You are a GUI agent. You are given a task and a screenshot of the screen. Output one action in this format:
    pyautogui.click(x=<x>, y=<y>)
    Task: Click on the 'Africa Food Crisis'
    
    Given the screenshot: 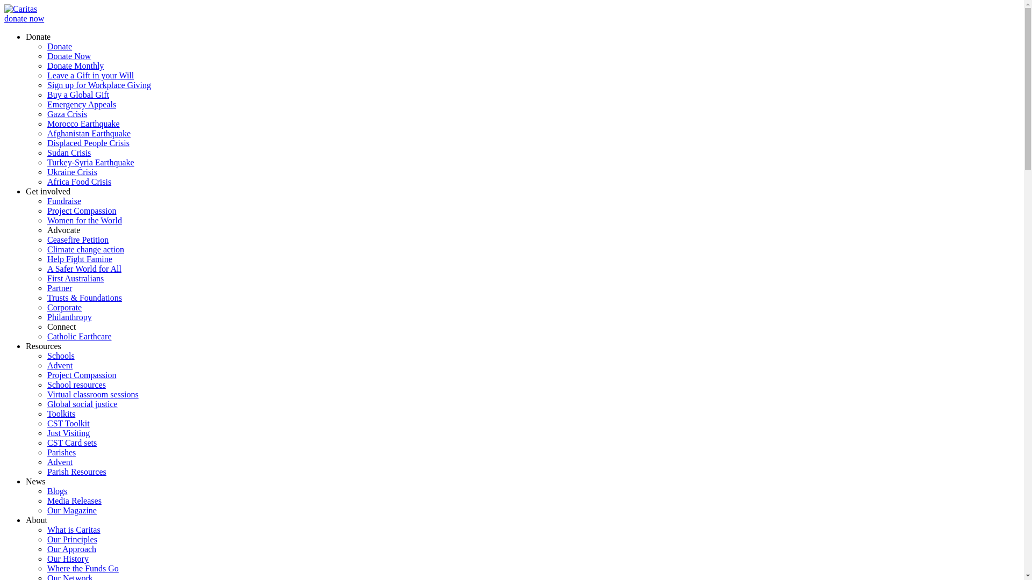 What is the action you would take?
    pyautogui.click(x=78, y=181)
    